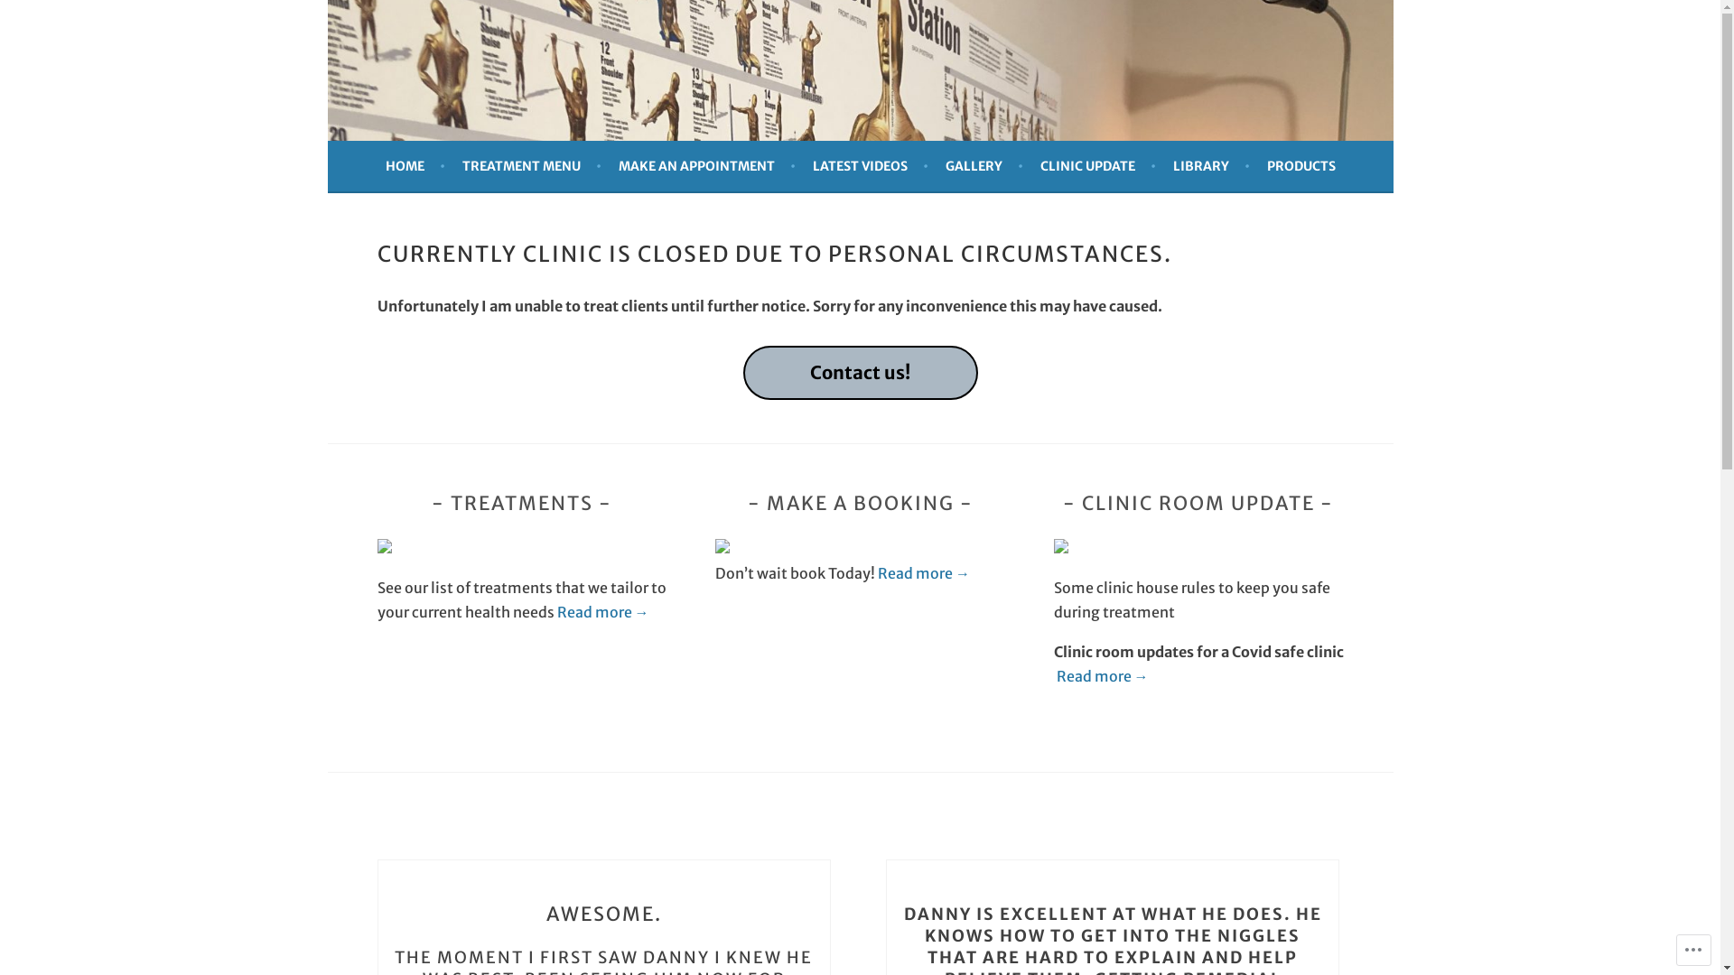 This screenshot has width=1734, height=975. I want to click on 'CLINIC UPDATE', so click(1096, 166).